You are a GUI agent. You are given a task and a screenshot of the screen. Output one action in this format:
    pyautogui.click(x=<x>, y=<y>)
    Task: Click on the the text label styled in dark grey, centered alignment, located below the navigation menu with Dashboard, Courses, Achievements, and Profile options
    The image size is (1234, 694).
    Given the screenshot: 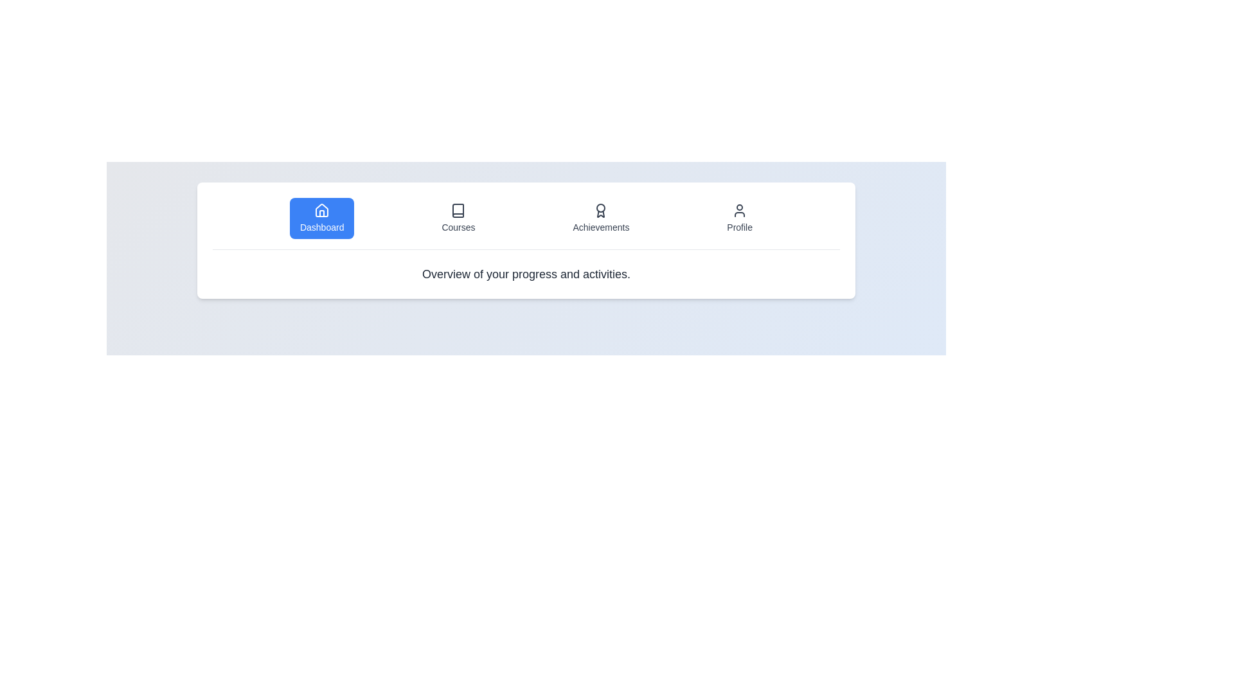 What is the action you would take?
    pyautogui.click(x=526, y=274)
    